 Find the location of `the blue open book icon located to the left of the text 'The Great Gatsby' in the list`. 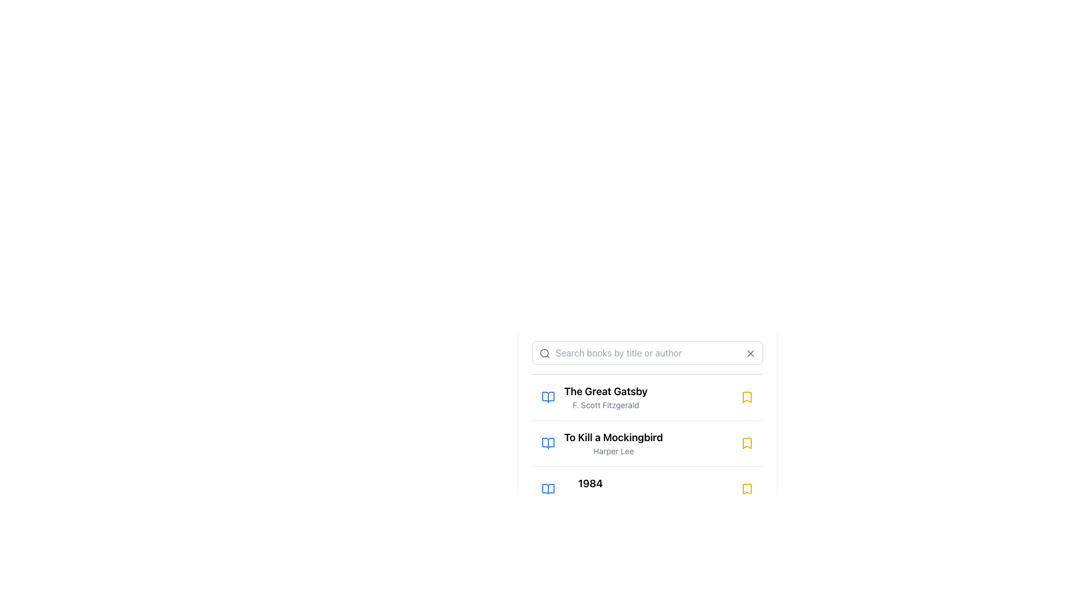

the blue open book icon located to the left of the text 'The Great Gatsby' in the list is located at coordinates (548, 396).